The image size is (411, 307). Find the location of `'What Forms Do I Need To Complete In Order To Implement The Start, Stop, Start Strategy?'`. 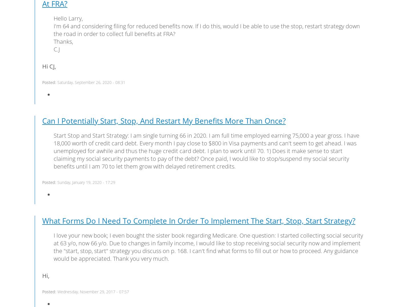

'What Forms Do I Need To Complete In Order To Implement The Start, Stop, Start Strategy?' is located at coordinates (199, 220).